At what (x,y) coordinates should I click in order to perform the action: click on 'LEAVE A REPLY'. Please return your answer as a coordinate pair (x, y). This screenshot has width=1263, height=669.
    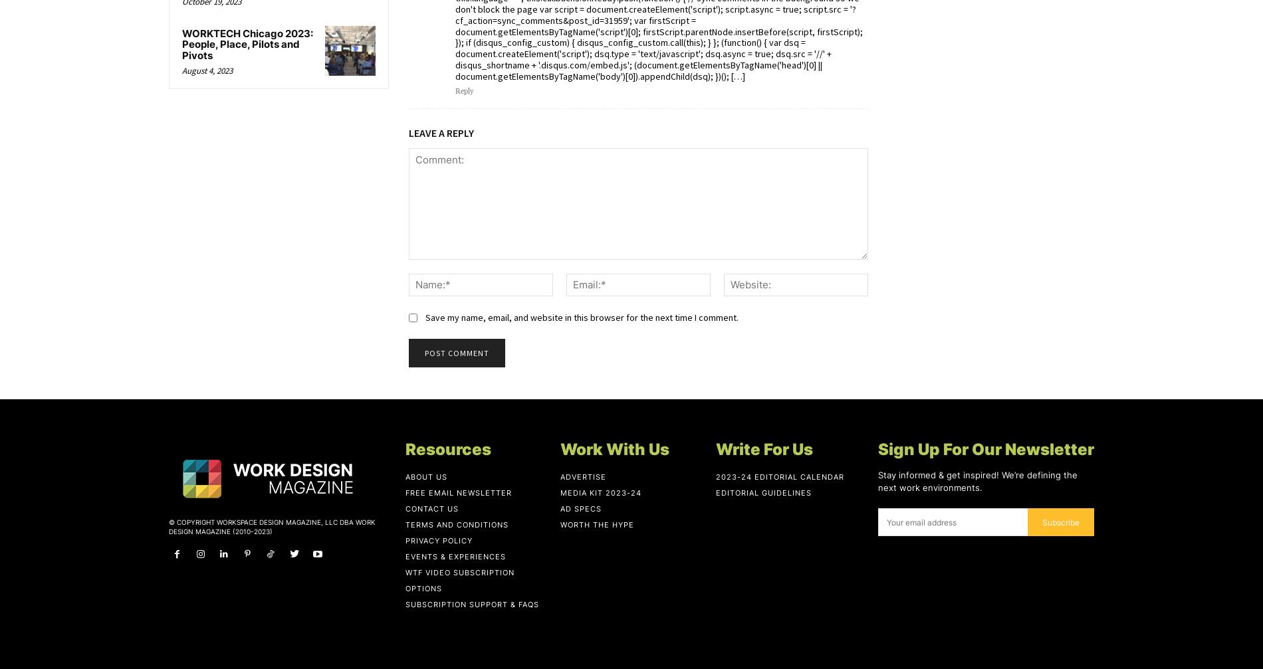
    Looking at the image, I should click on (440, 132).